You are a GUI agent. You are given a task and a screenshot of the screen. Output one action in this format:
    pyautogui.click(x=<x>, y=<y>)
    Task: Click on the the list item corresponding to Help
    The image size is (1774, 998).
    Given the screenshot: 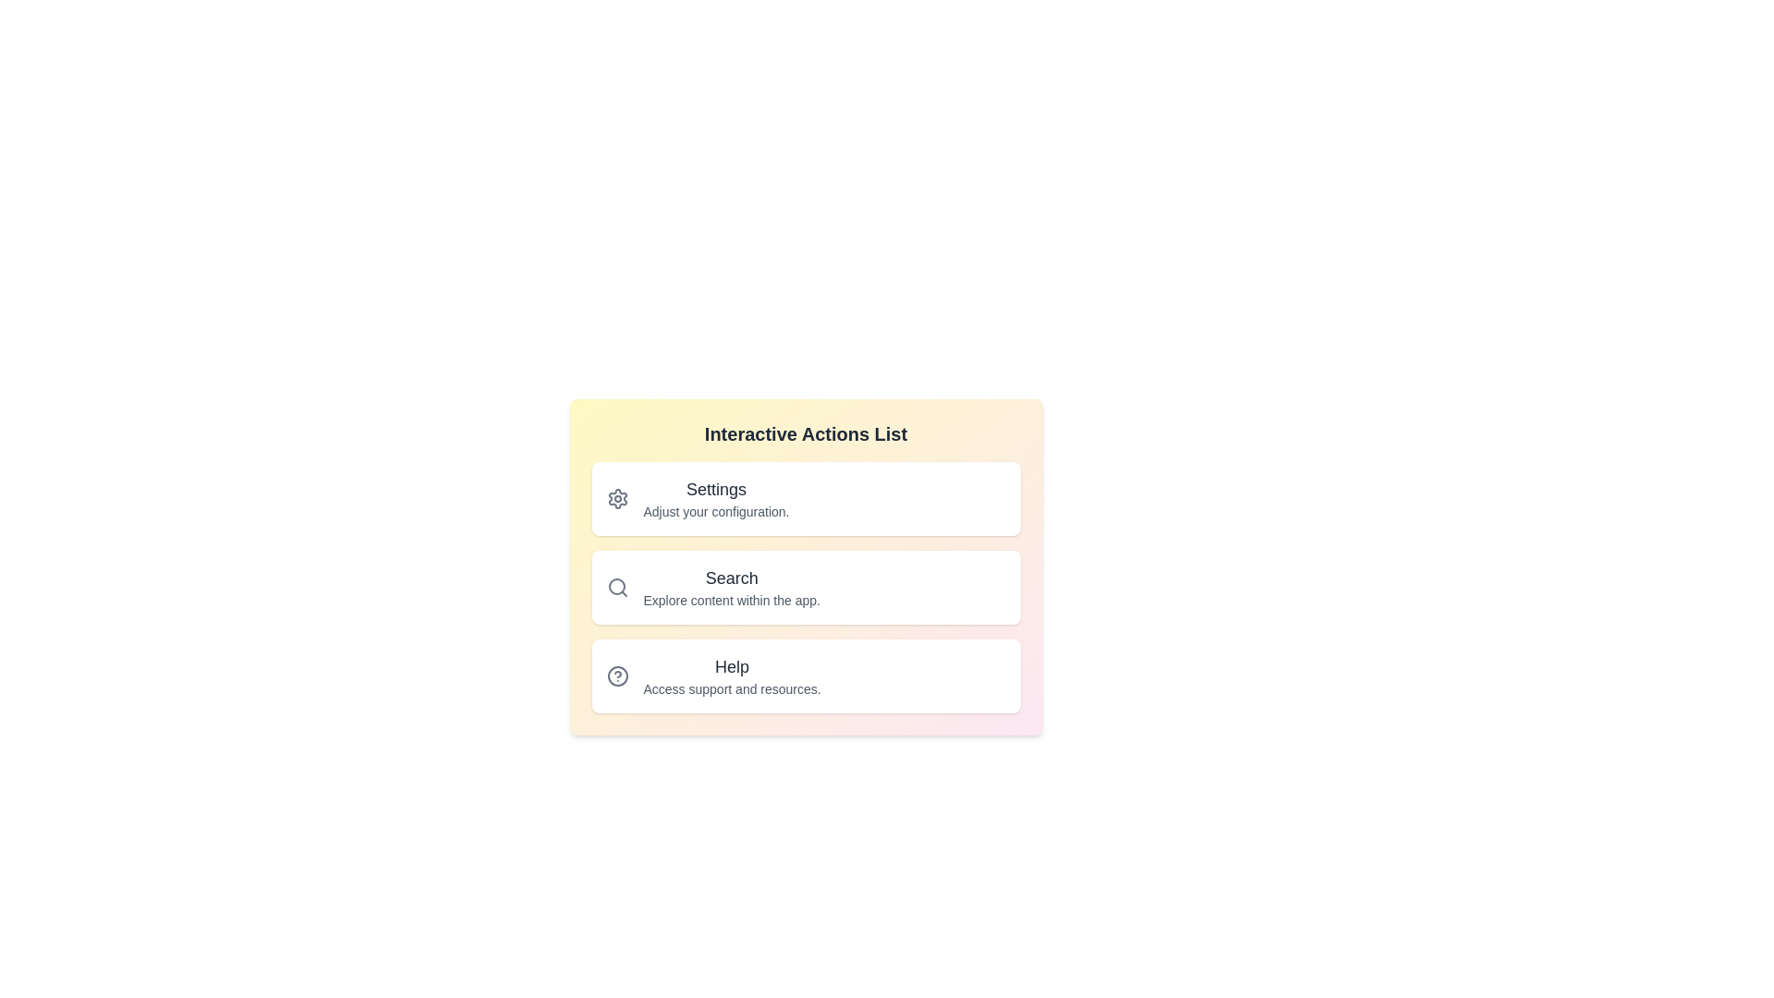 What is the action you would take?
    pyautogui.click(x=806, y=676)
    